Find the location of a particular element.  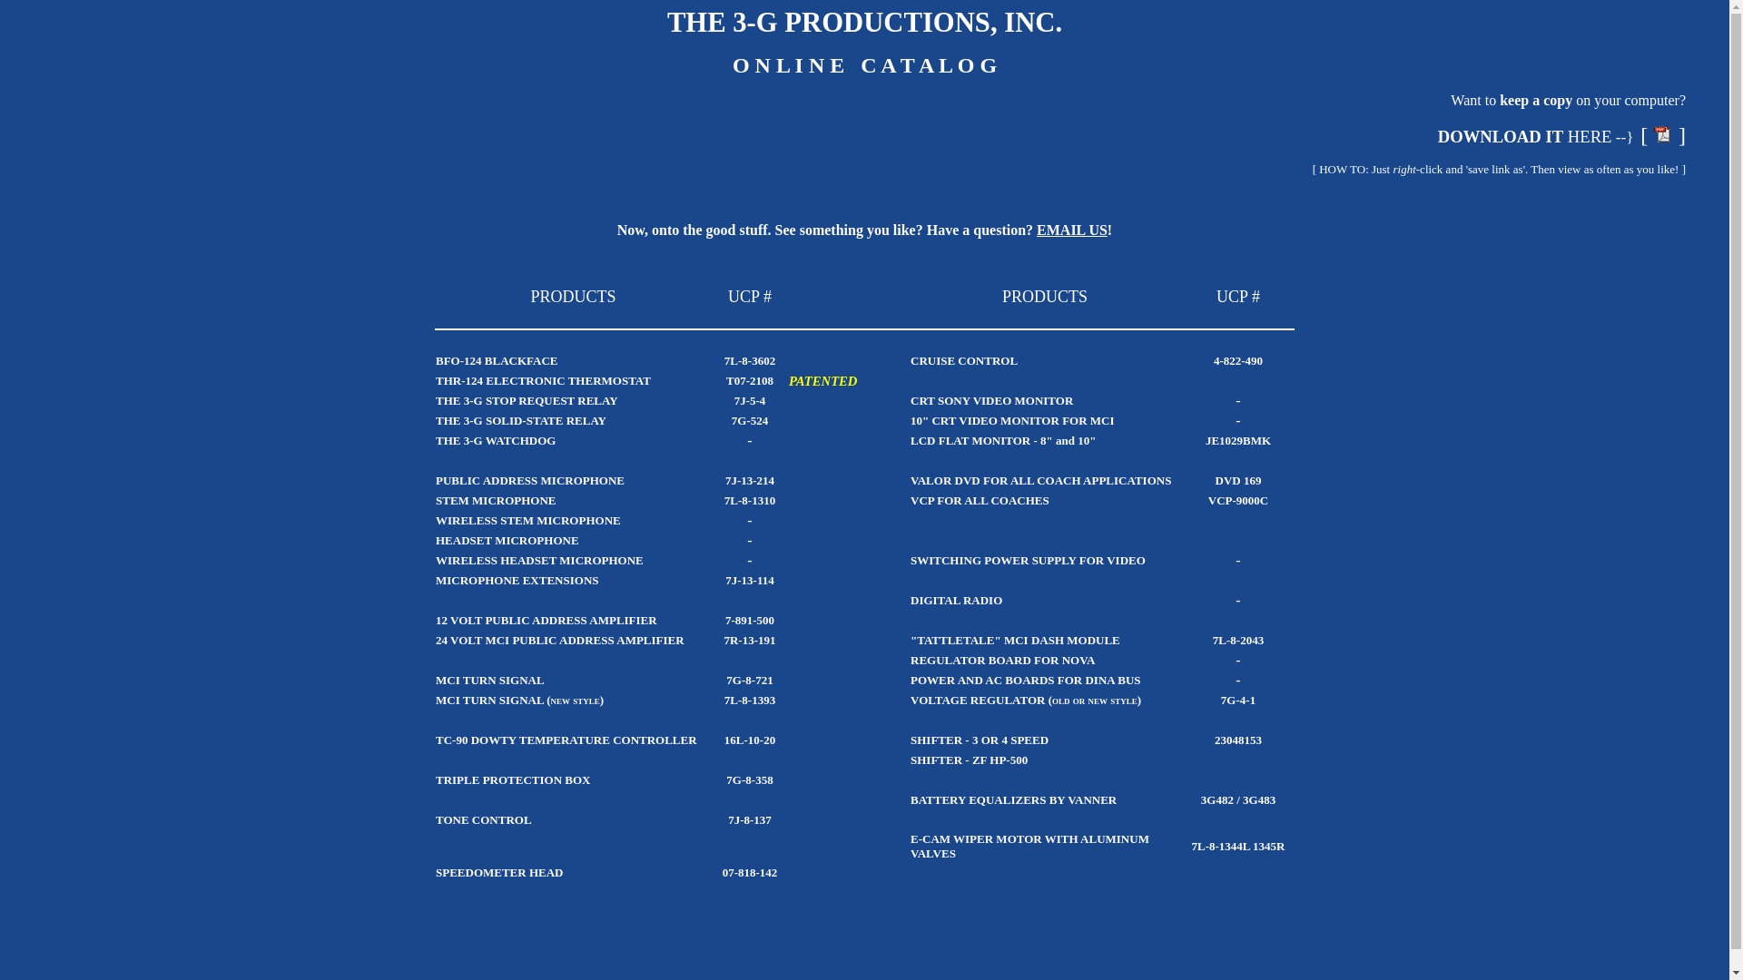

'TONE CONTROL' is located at coordinates (436, 819).